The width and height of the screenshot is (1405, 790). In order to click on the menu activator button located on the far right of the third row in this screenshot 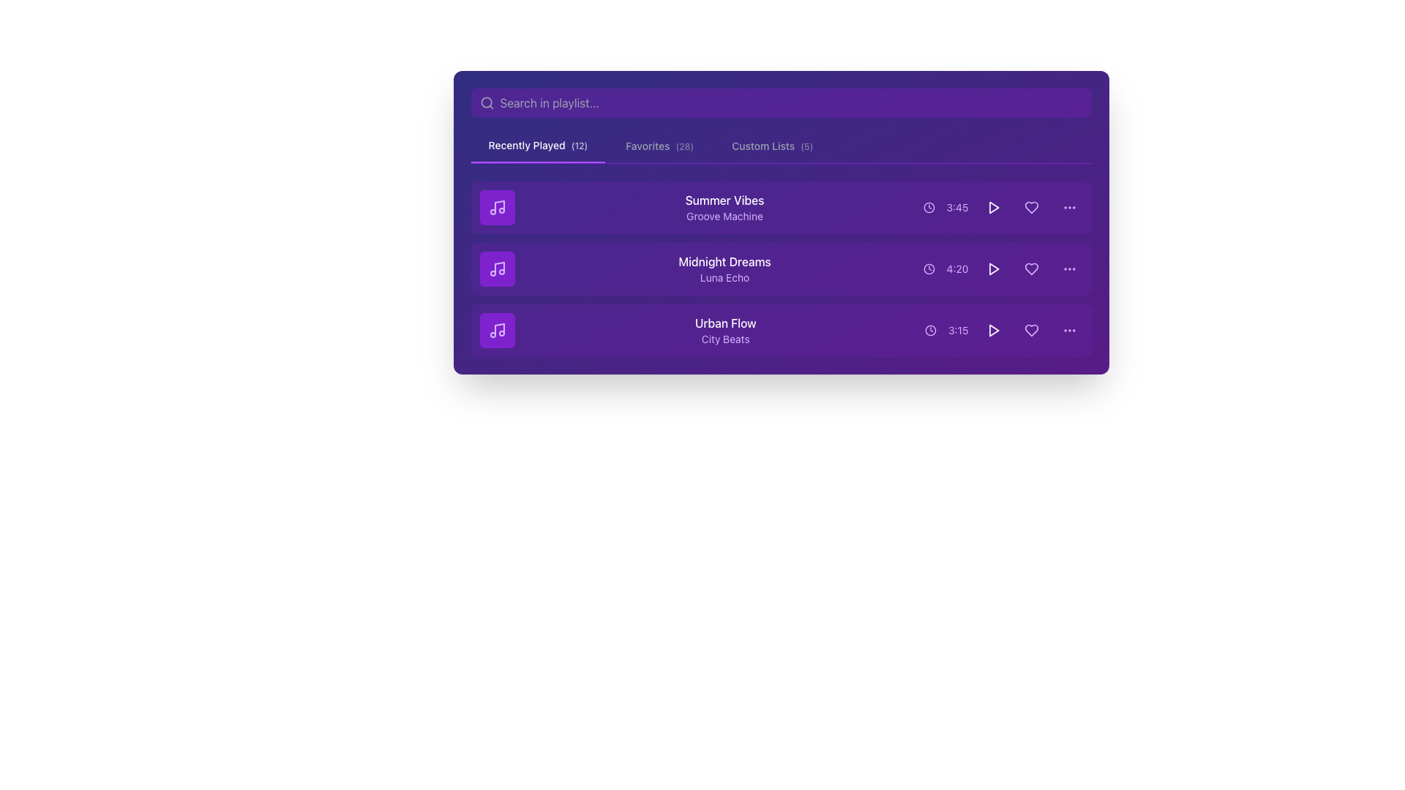, I will do `click(1069, 330)`.